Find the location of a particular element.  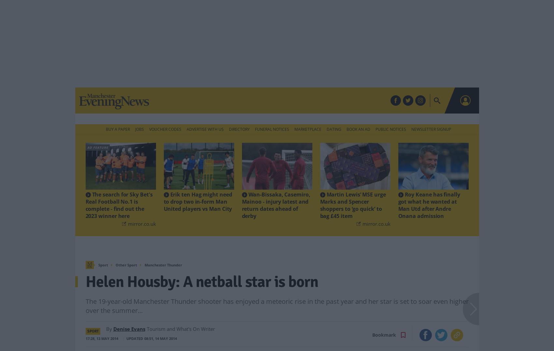

'Helen Housby: A netball star is born' is located at coordinates (201, 271).